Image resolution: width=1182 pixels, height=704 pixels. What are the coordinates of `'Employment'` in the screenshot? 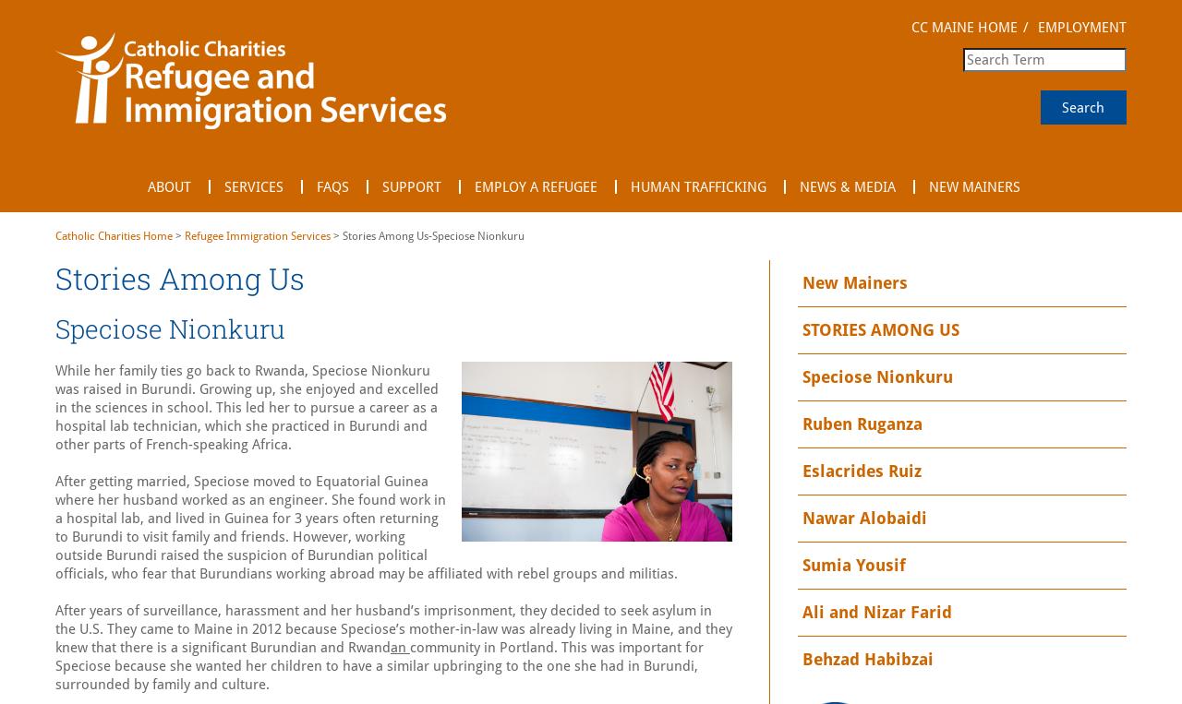 It's located at (1080, 26).